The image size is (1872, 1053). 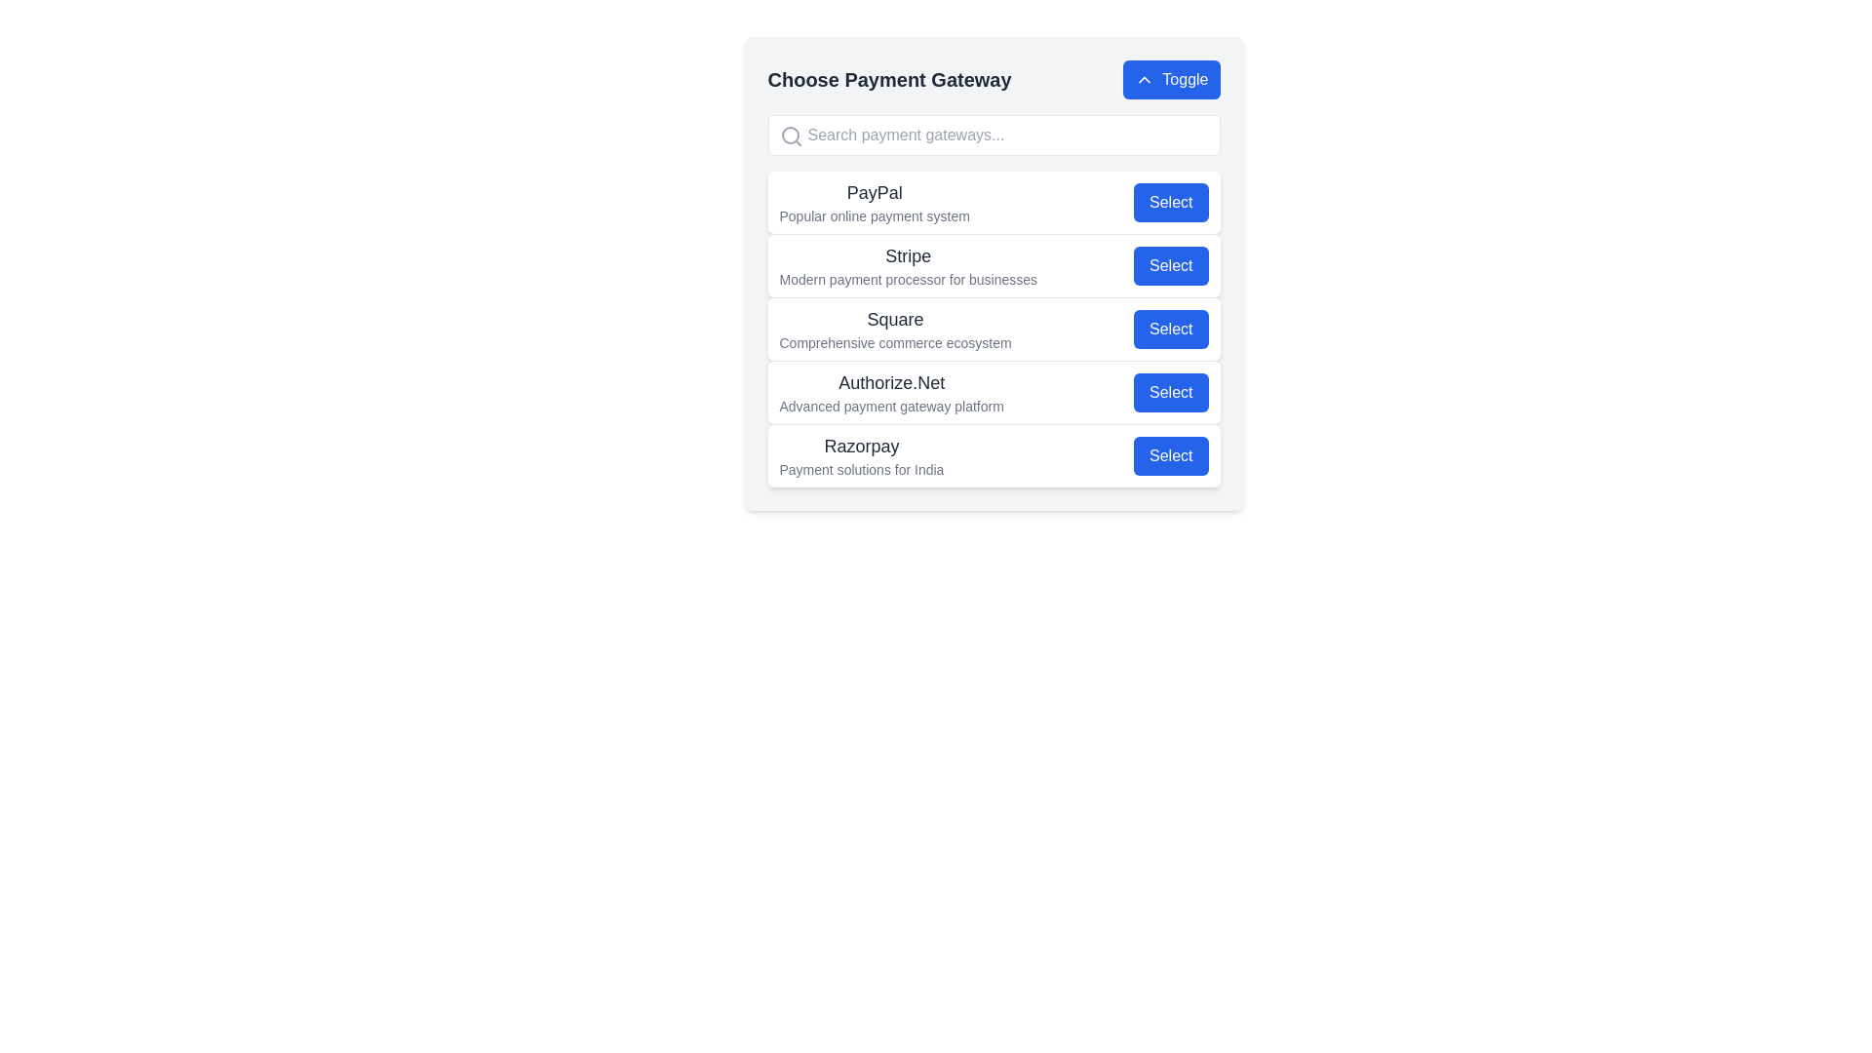 What do you see at coordinates (994, 455) in the screenshot?
I see `the card labeled 'Razorpay'` at bounding box center [994, 455].